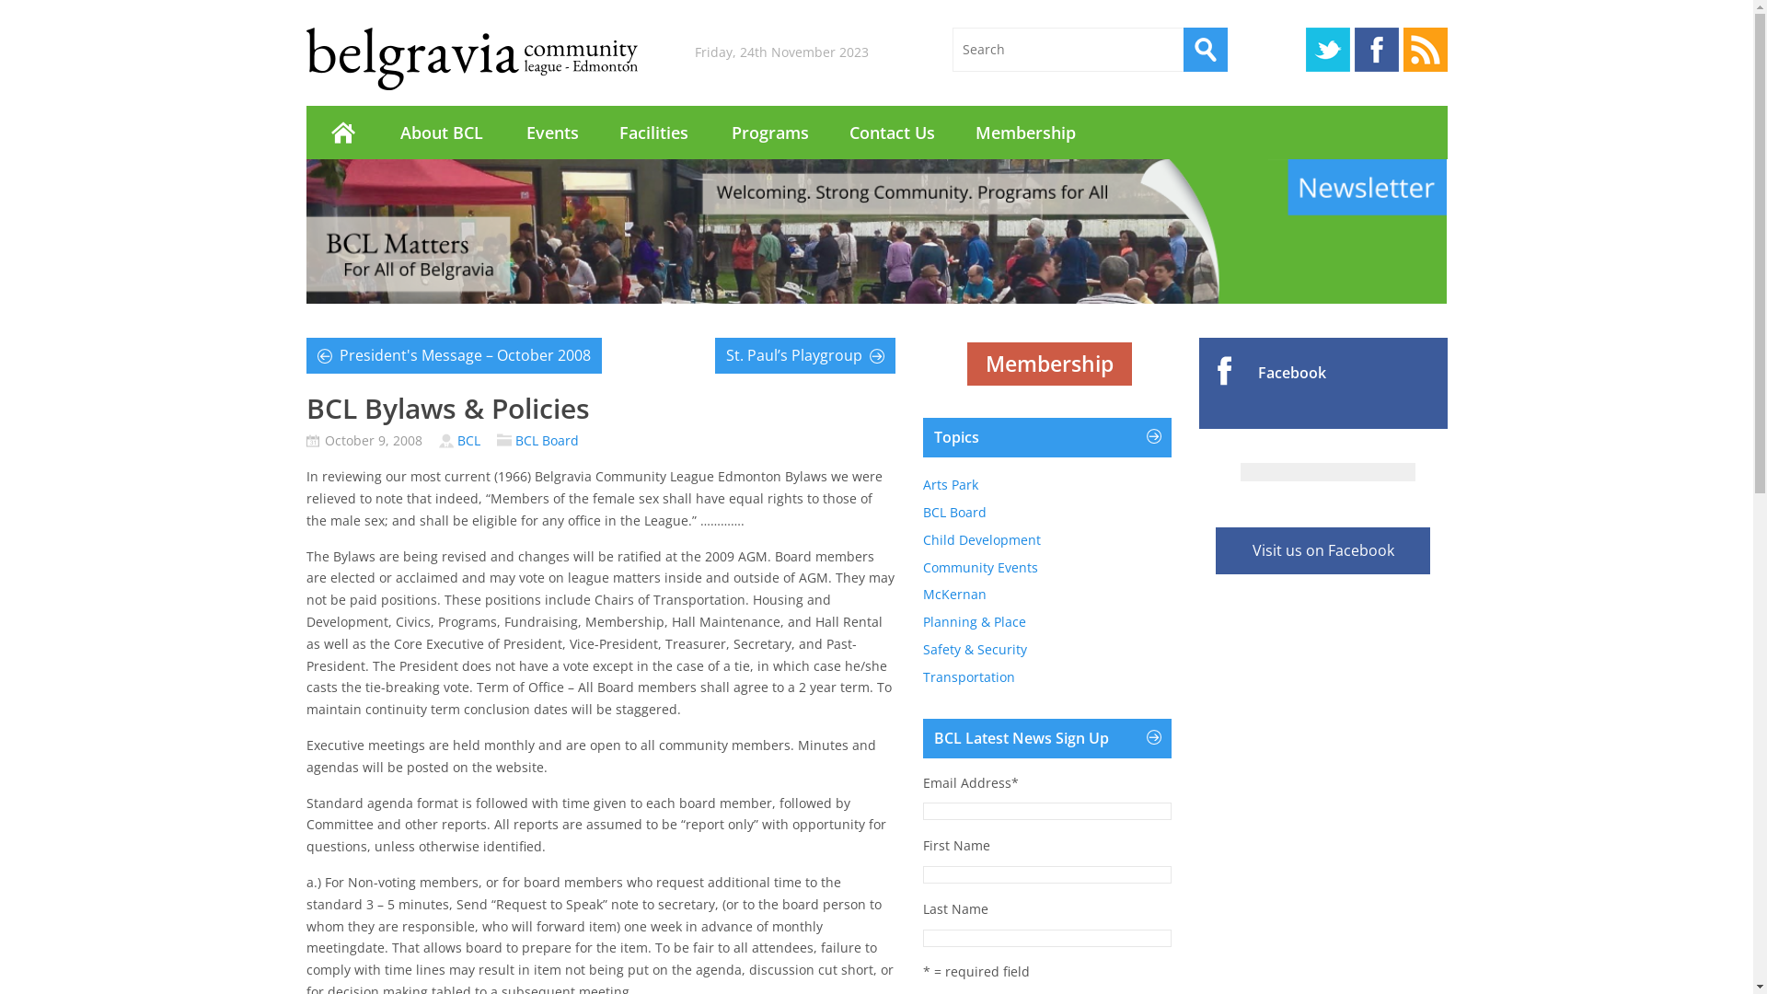 This screenshot has width=1767, height=994. What do you see at coordinates (341, 131) in the screenshot?
I see `'Home'` at bounding box center [341, 131].